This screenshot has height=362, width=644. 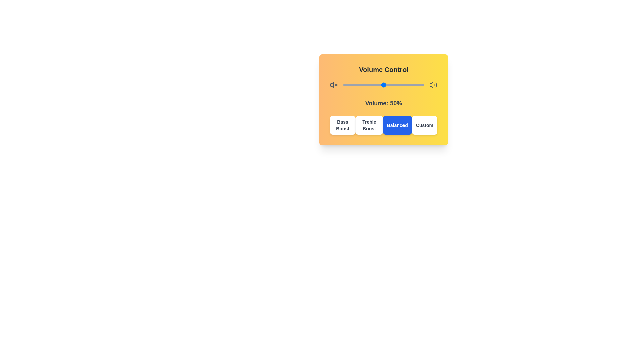 What do you see at coordinates (397, 125) in the screenshot?
I see `the 'Balanced' button to select the corresponding sound profile` at bounding box center [397, 125].